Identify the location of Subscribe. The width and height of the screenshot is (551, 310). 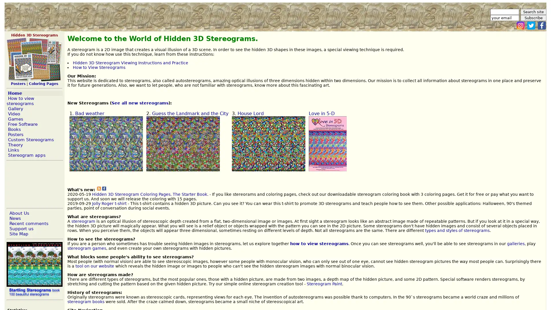
(533, 18).